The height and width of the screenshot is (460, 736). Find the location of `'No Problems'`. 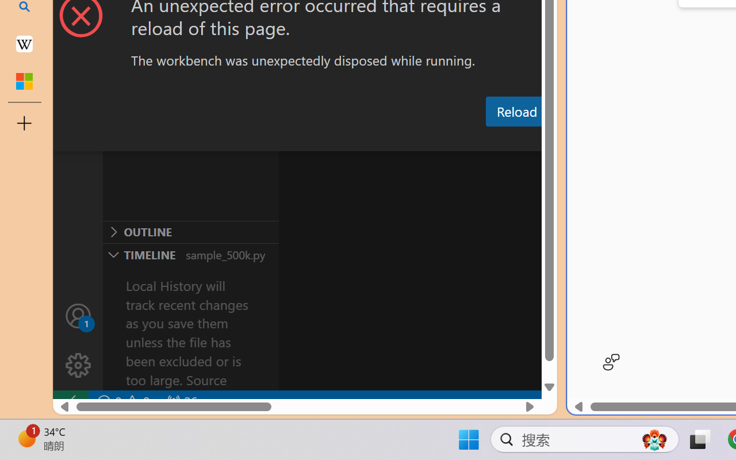

'No Problems' is located at coordinates (122, 401).